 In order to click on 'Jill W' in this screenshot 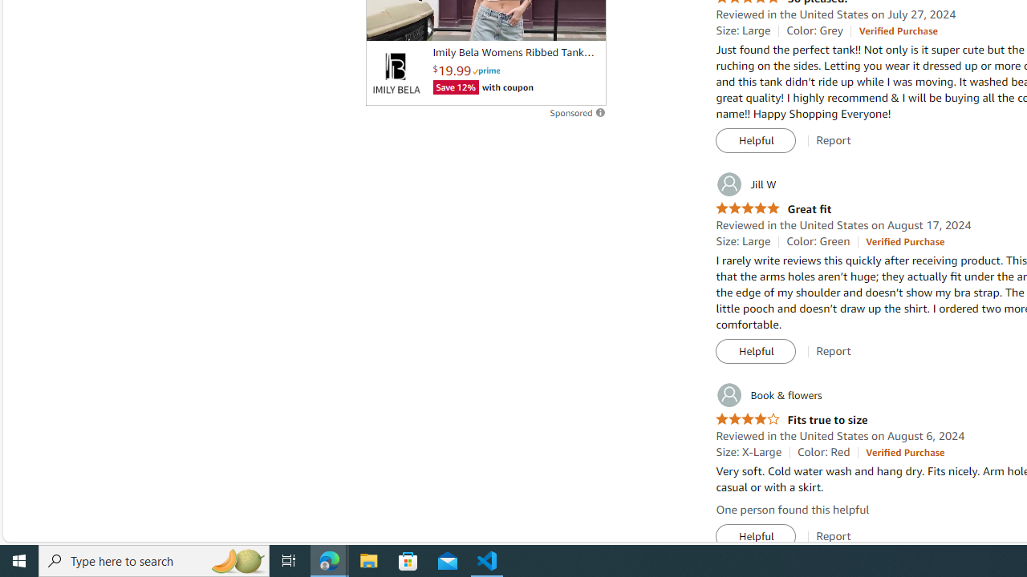, I will do `click(745, 184)`.